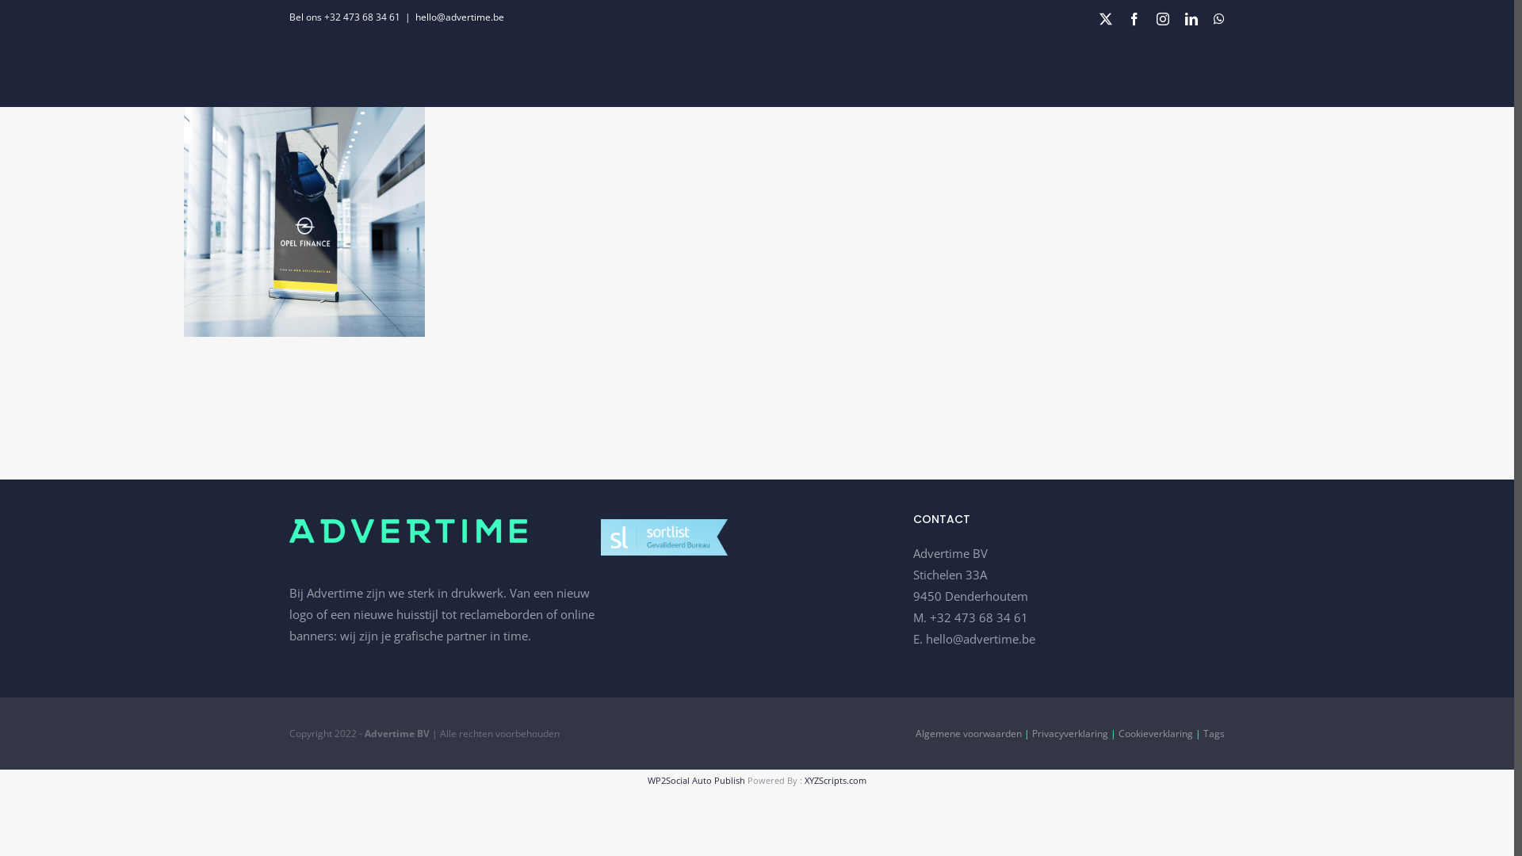  I want to click on 'XYZScripts.com', so click(835, 779).